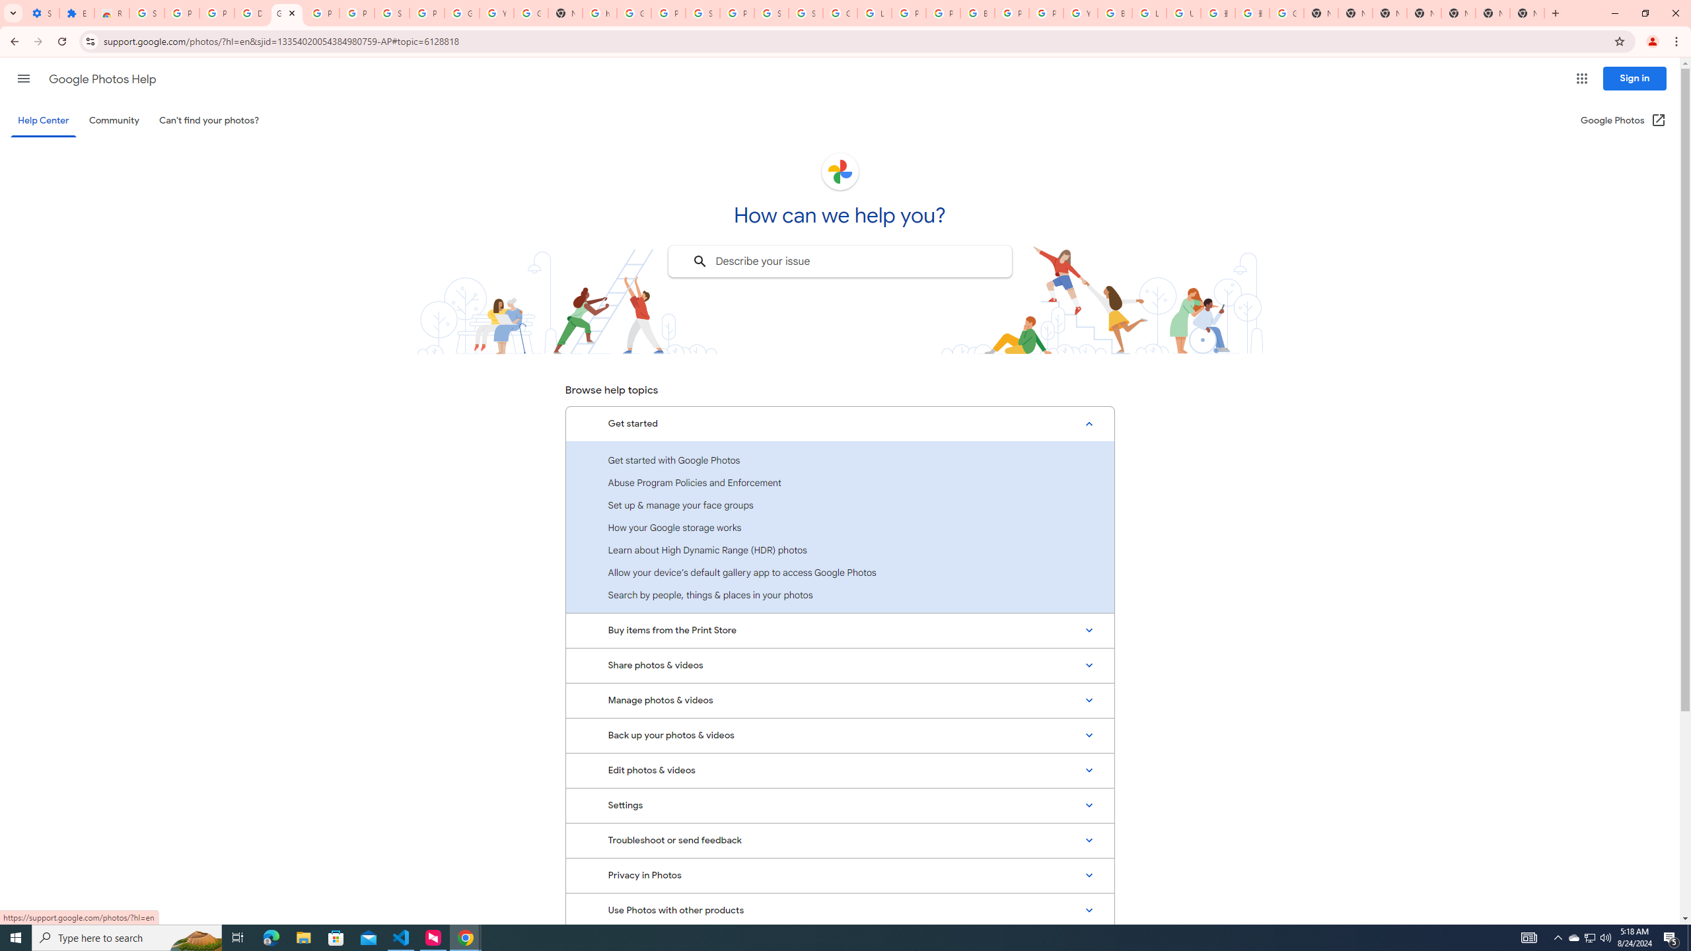 This screenshot has width=1691, height=951. I want to click on 'YouTube', so click(1079, 13).